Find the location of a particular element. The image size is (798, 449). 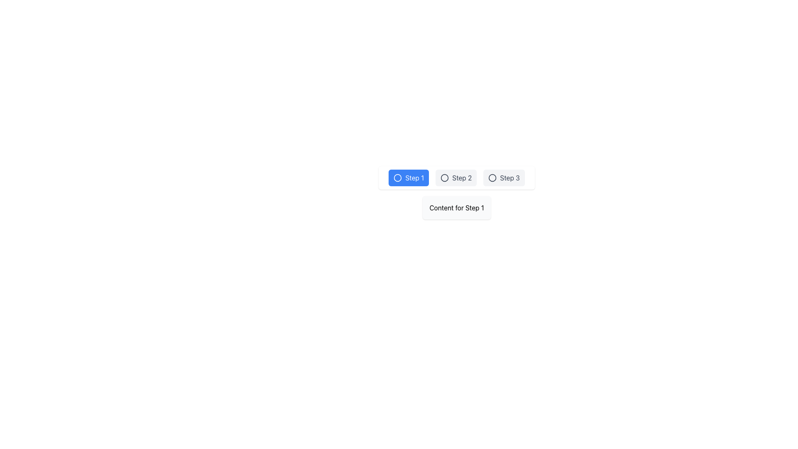

the second button labeled 'Step 2', which serves as a visual indicator of the step's name or status in a multi-step process is located at coordinates (456, 178).